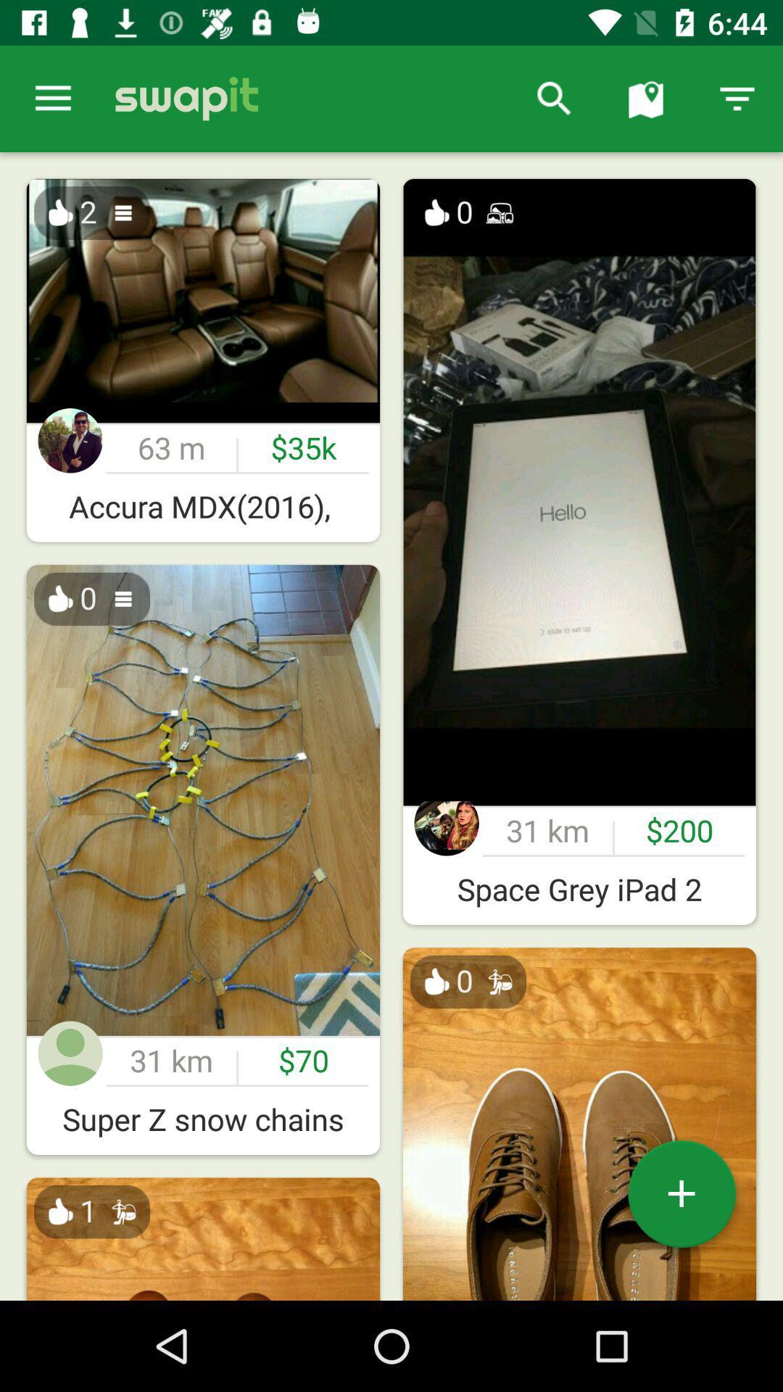 Image resolution: width=783 pixels, height=1392 pixels. What do you see at coordinates (681, 1199) in the screenshot?
I see `the add icon` at bounding box center [681, 1199].